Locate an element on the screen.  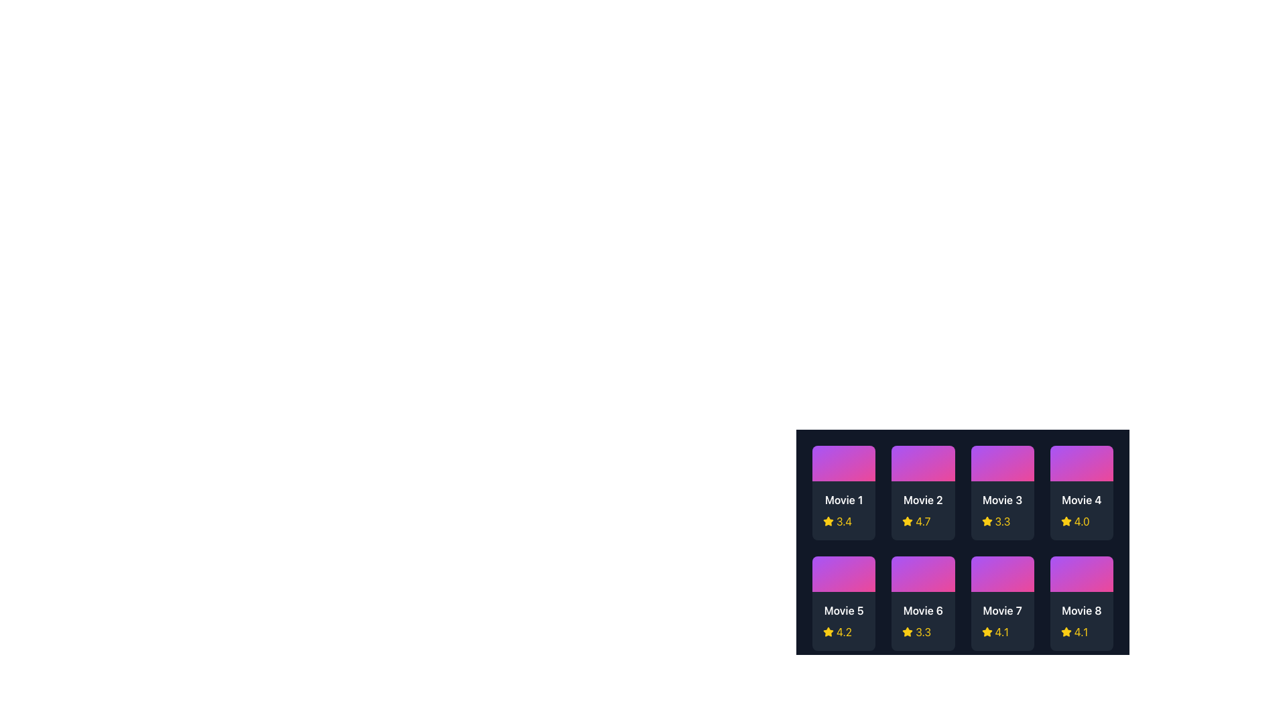
the movie information card located in the second row, first column of the grid is located at coordinates (843, 603).